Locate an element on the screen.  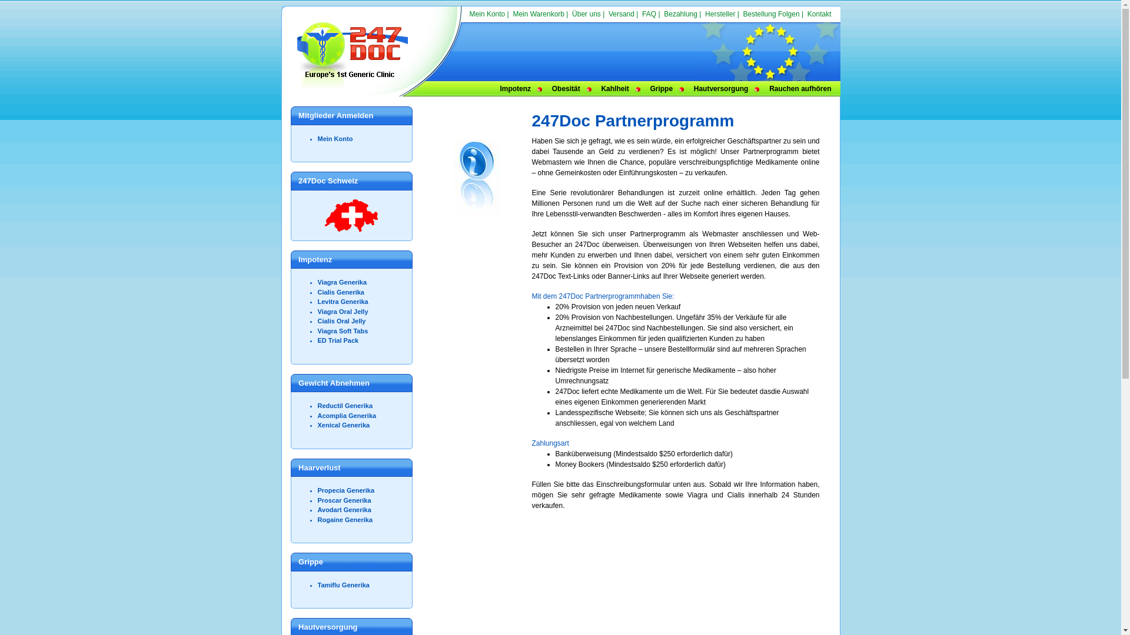
'ED Trial Pack' is located at coordinates (338, 340).